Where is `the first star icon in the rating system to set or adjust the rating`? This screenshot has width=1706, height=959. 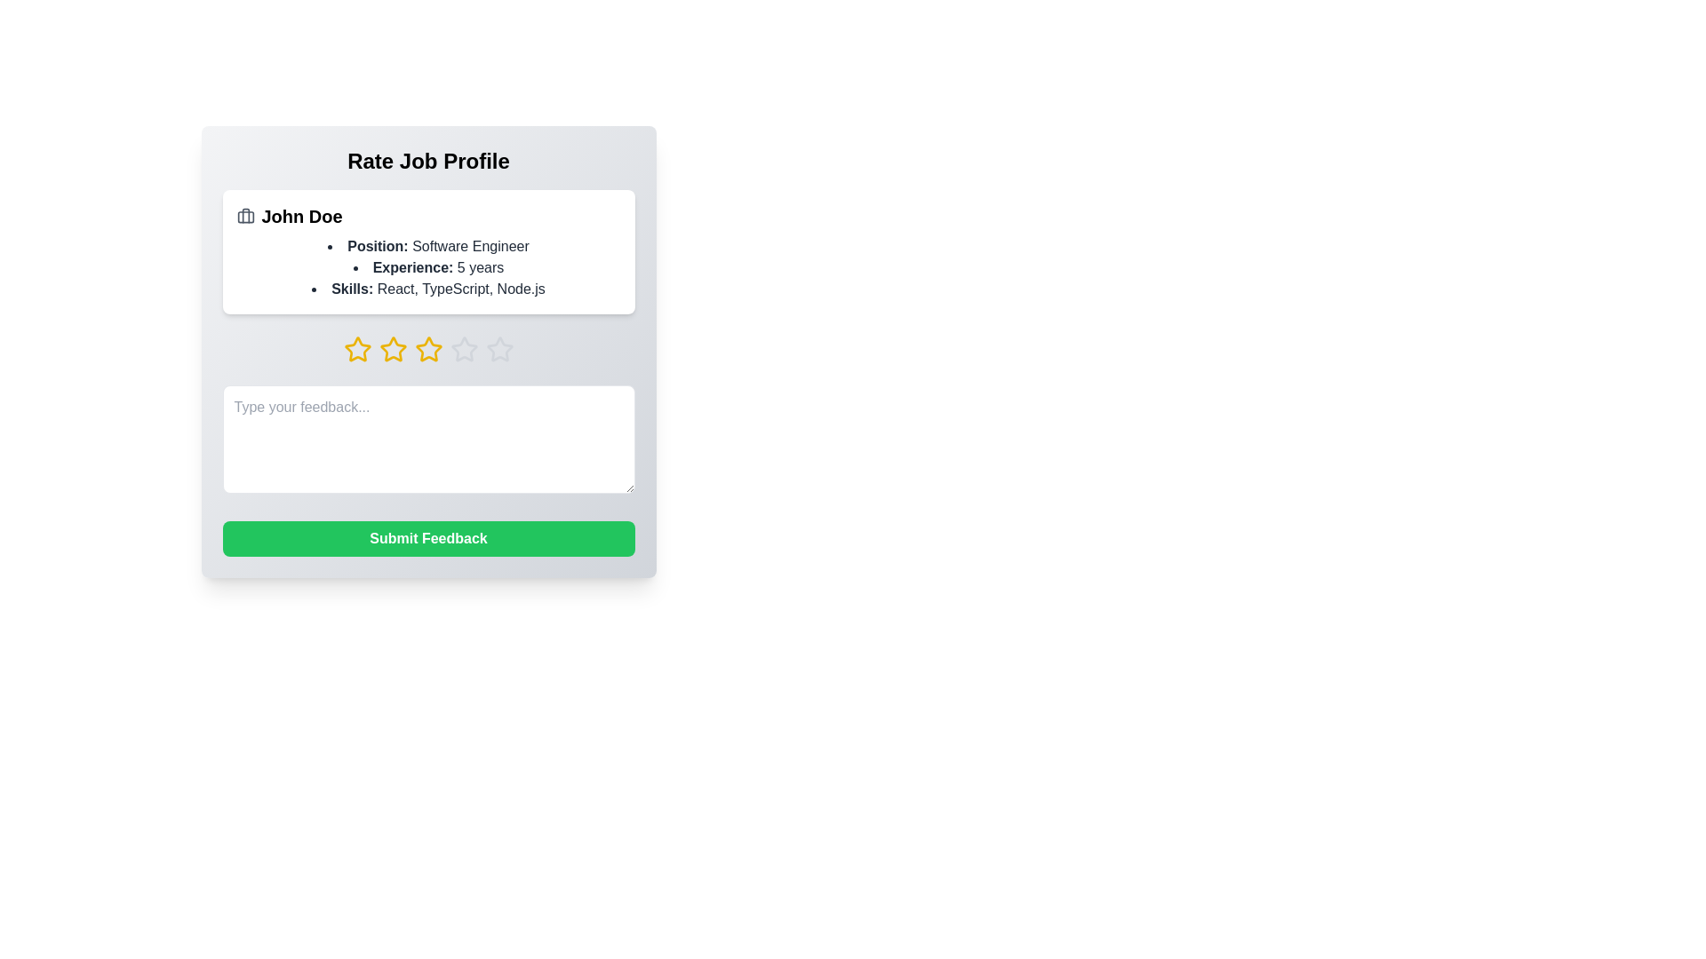 the first star icon in the rating system to set or adjust the rating is located at coordinates (356, 349).